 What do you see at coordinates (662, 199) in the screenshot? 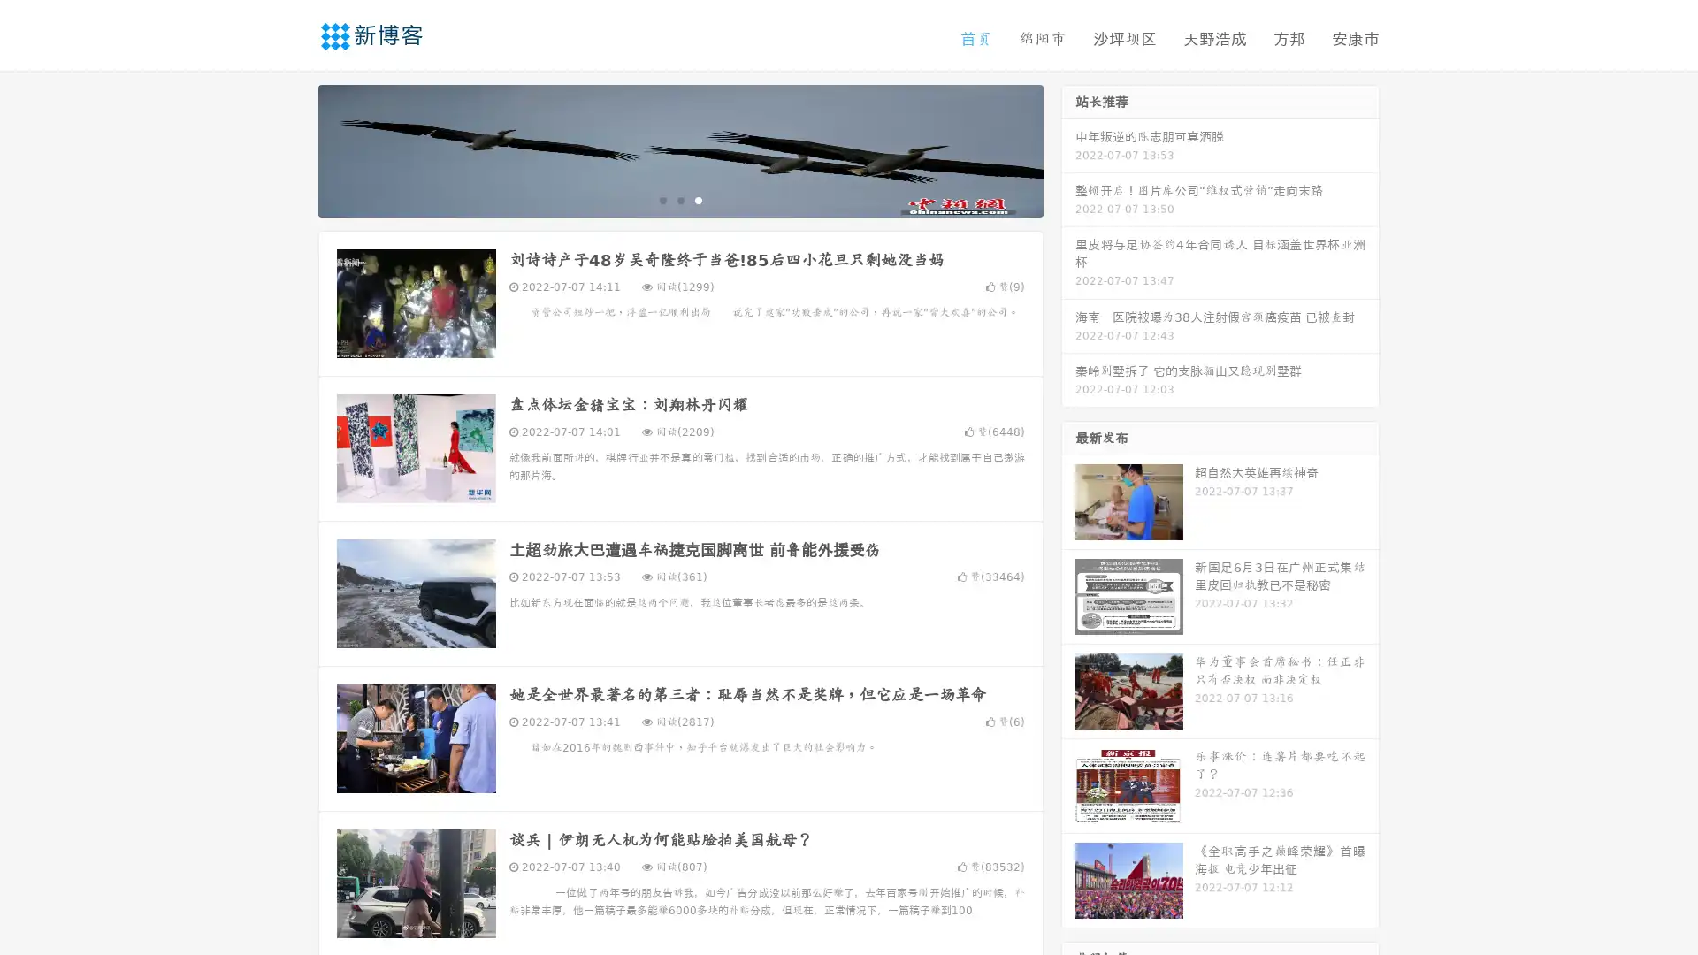
I see `Go to slide 1` at bounding box center [662, 199].